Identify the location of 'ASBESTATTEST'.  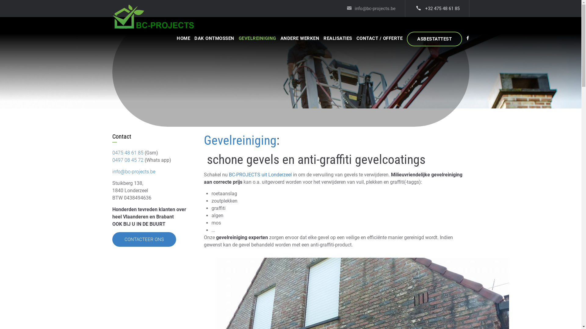
(434, 39).